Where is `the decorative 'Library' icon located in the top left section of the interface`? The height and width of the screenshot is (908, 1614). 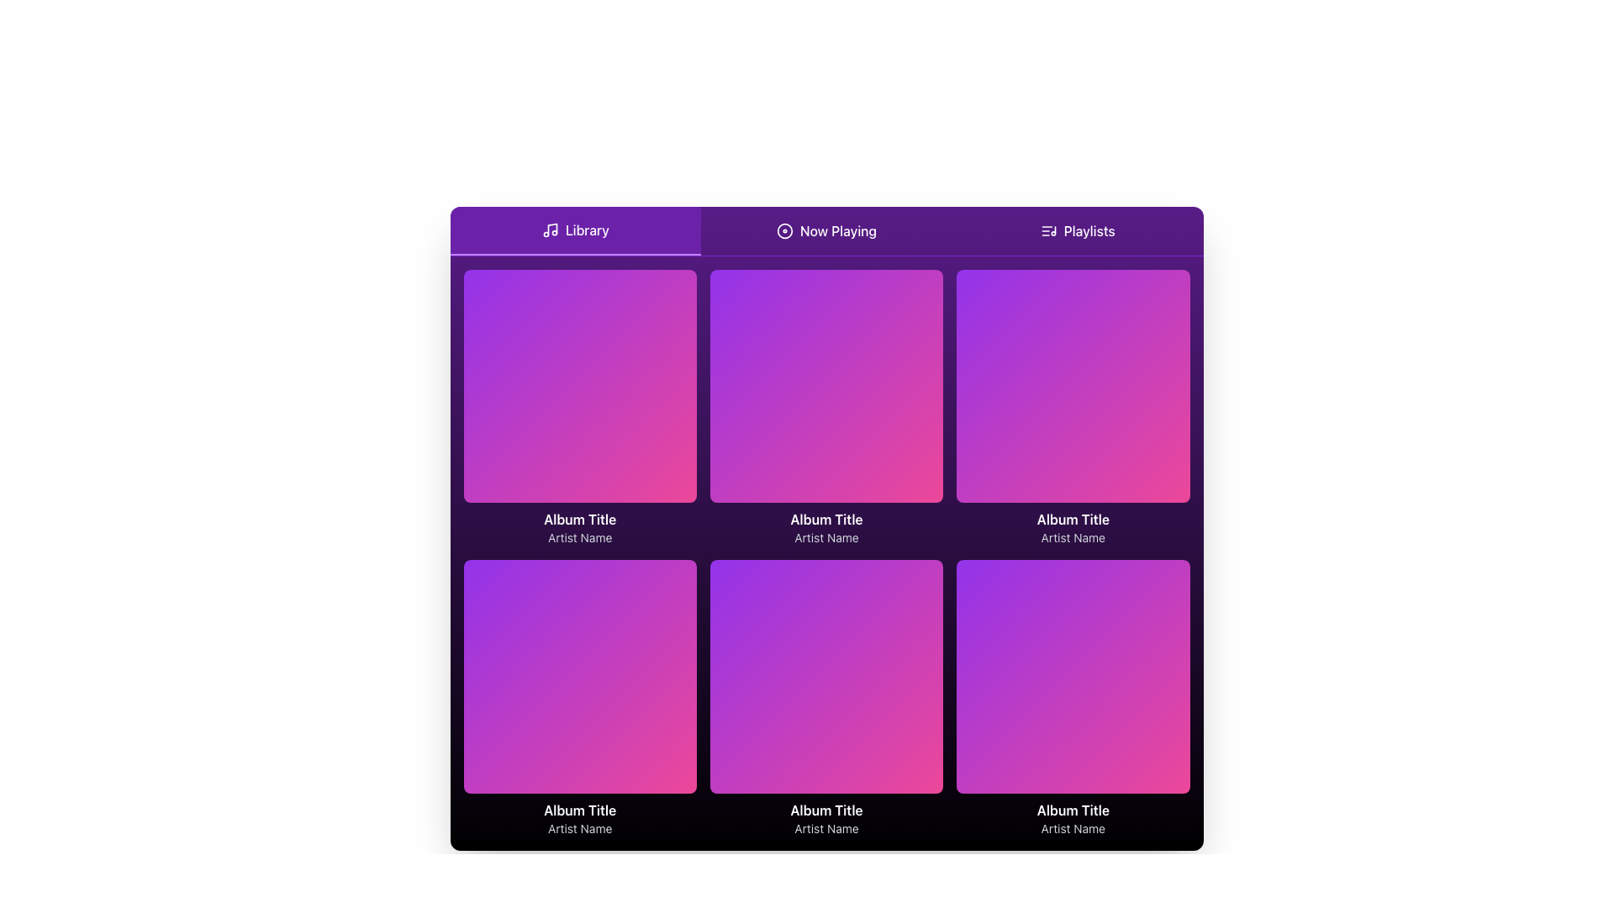
the decorative 'Library' icon located in the top left section of the interface is located at coordinates (550, 230).